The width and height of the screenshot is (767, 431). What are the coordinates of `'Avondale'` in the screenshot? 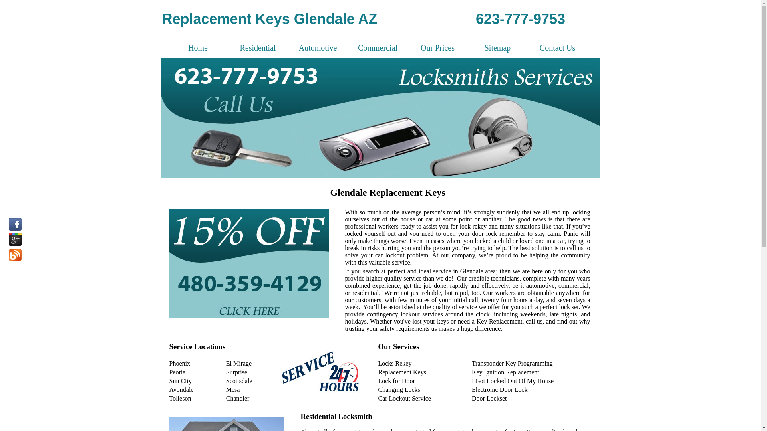 It's located at (181, 389).